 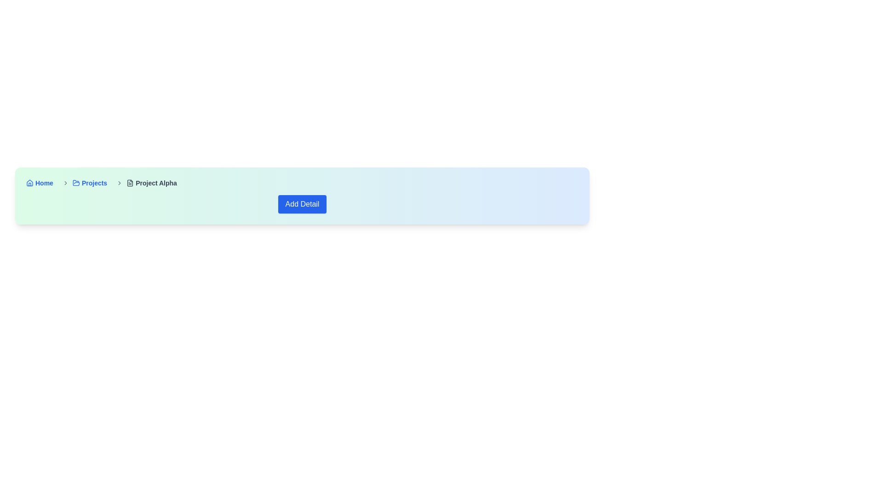 I want to click on the 'Projects' breadcrumb link, so click(x=83, y=183).